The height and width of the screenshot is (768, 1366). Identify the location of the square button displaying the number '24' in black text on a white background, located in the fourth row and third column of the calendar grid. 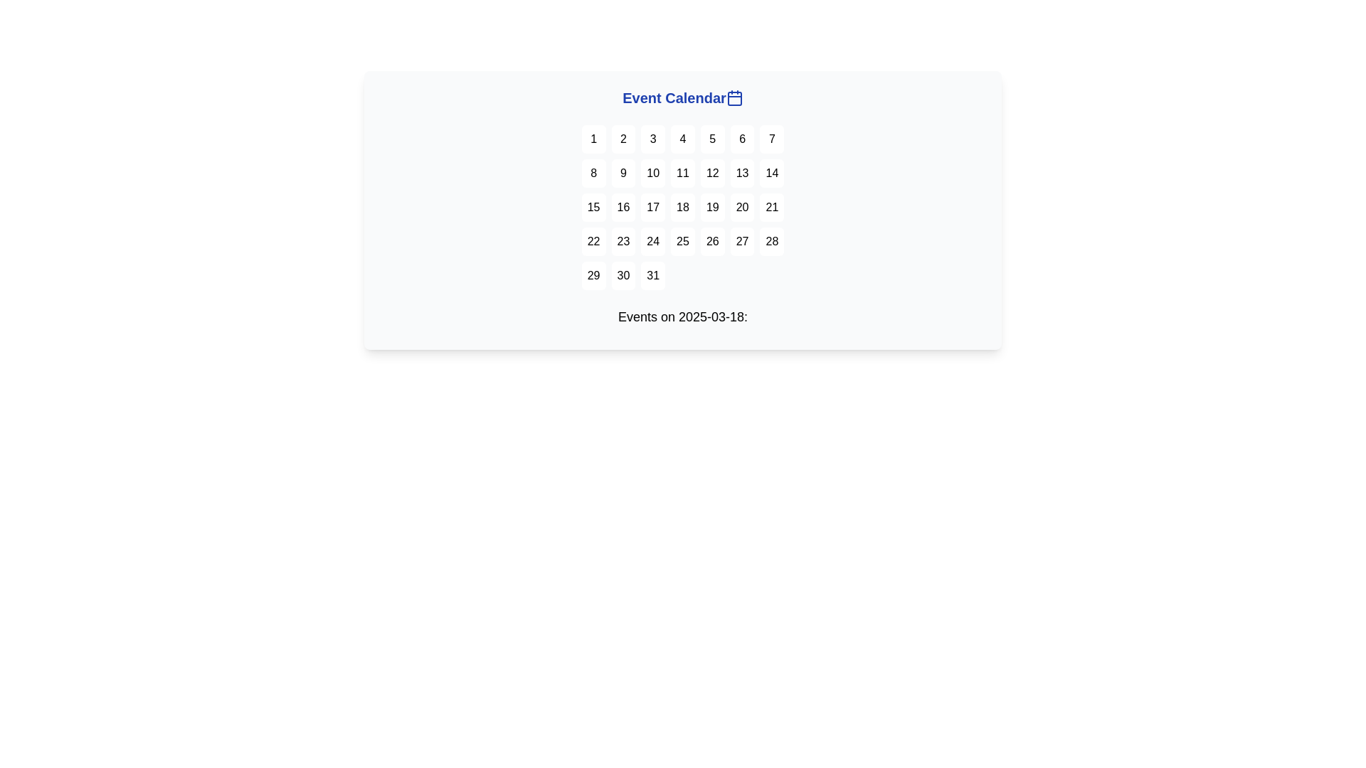
(652, 240).